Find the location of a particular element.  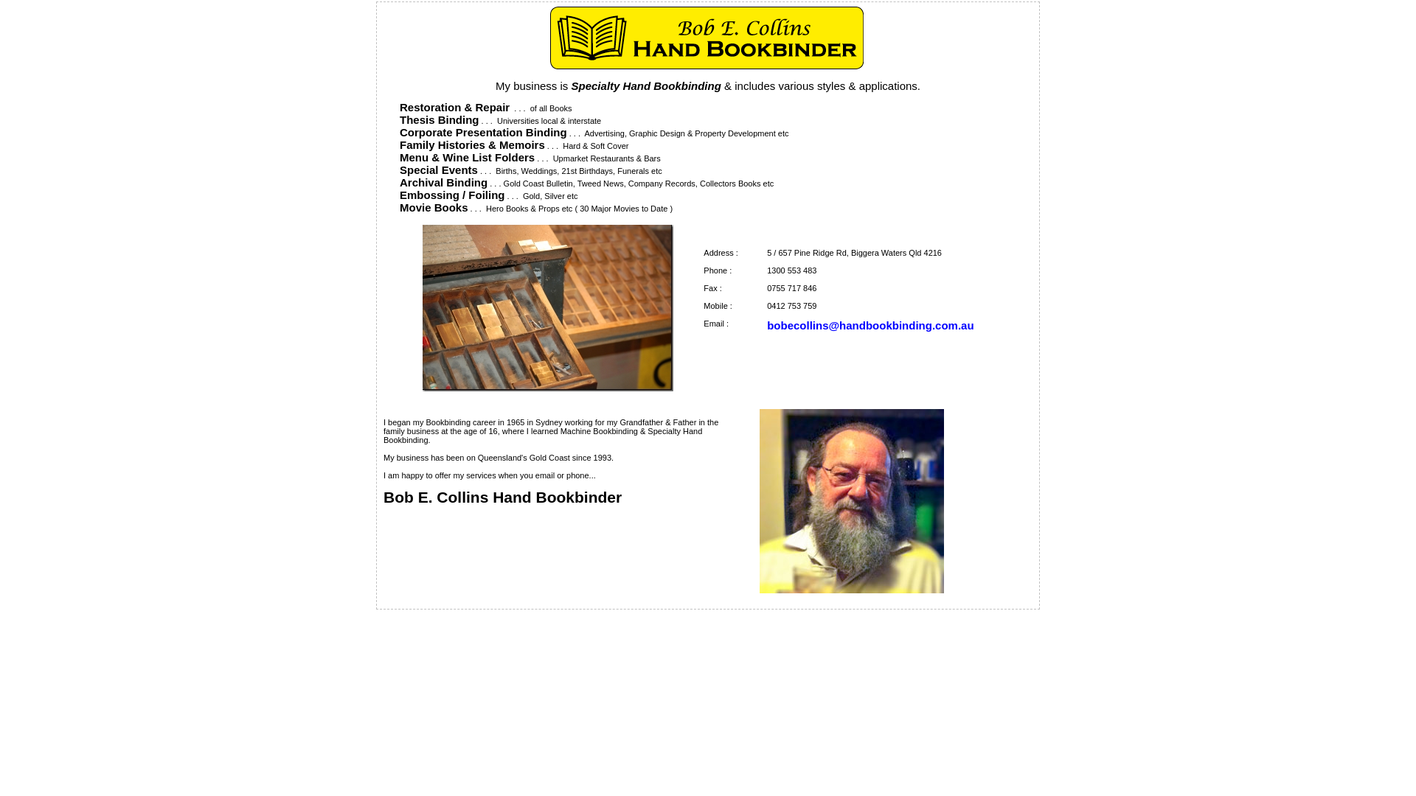

'bobecollins@handbookbinding.com.au' is located at coordinates (870, 324).